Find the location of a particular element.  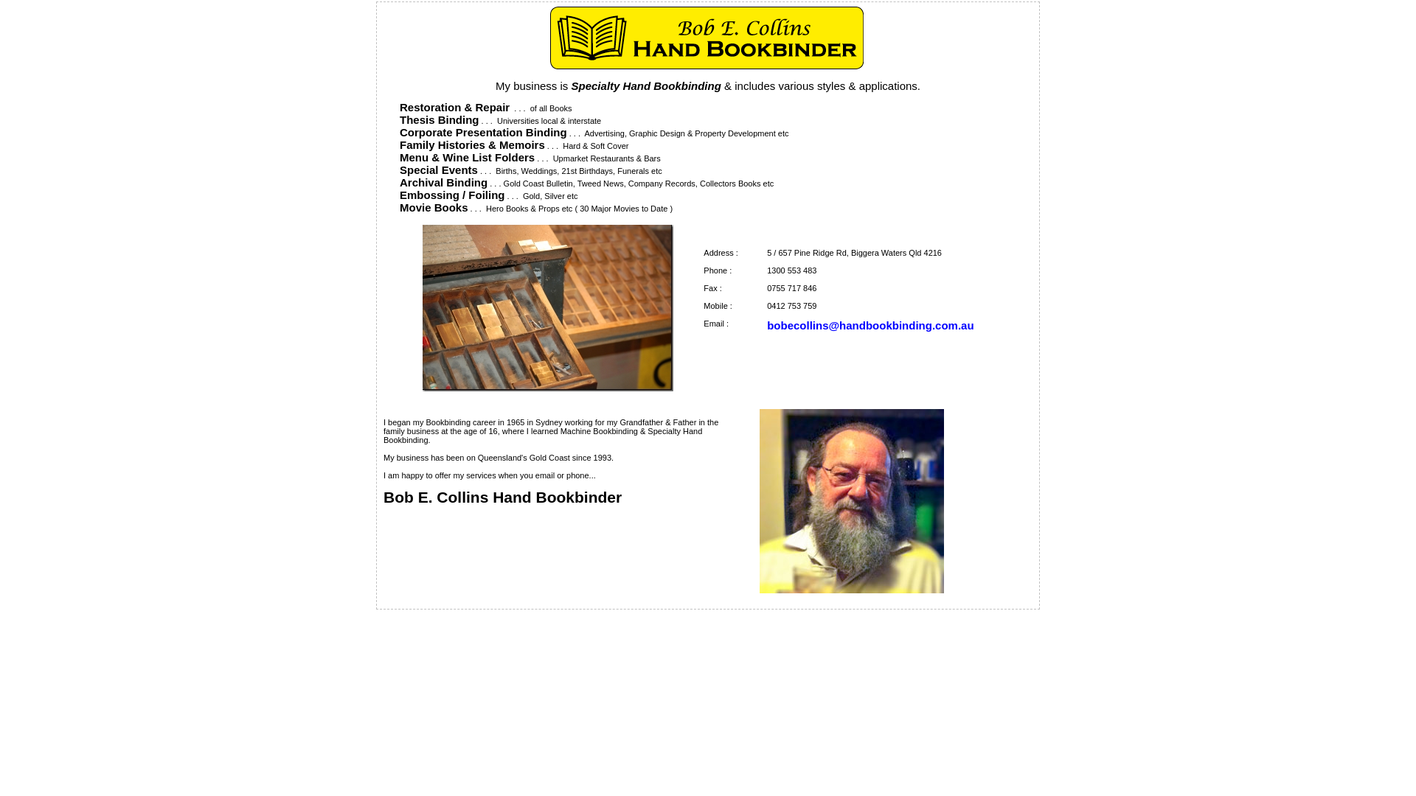

'bobecollins@handbookbinding.com.au' is located at coordinates (870, 324).